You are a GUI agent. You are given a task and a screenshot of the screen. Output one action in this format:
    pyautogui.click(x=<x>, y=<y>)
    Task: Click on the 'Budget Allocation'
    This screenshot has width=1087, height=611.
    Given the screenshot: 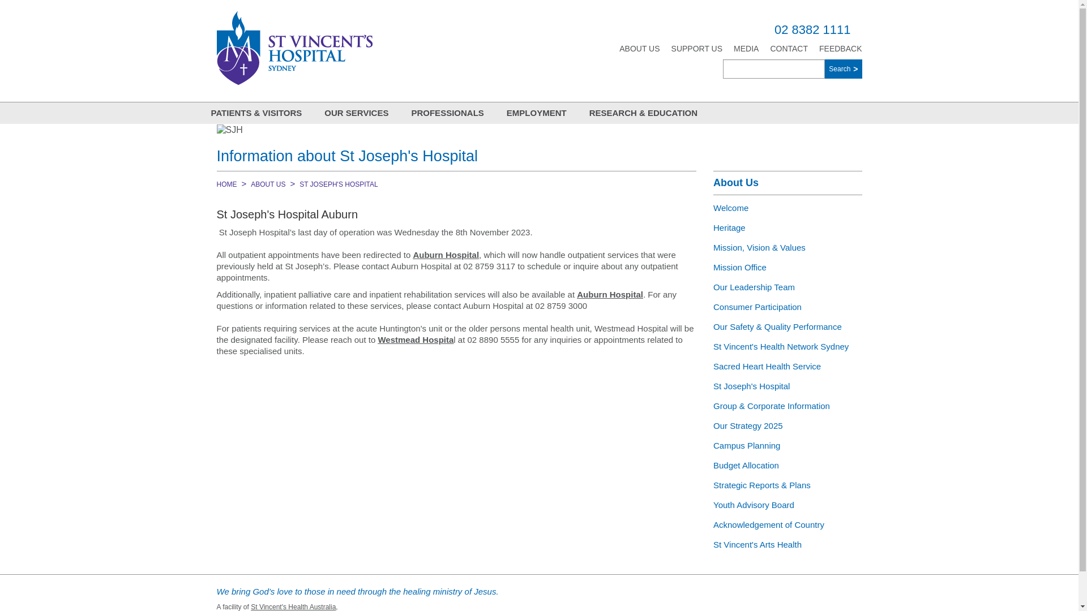 What is the action you would take?
    pyautogui.click(x=787, y=465)
    